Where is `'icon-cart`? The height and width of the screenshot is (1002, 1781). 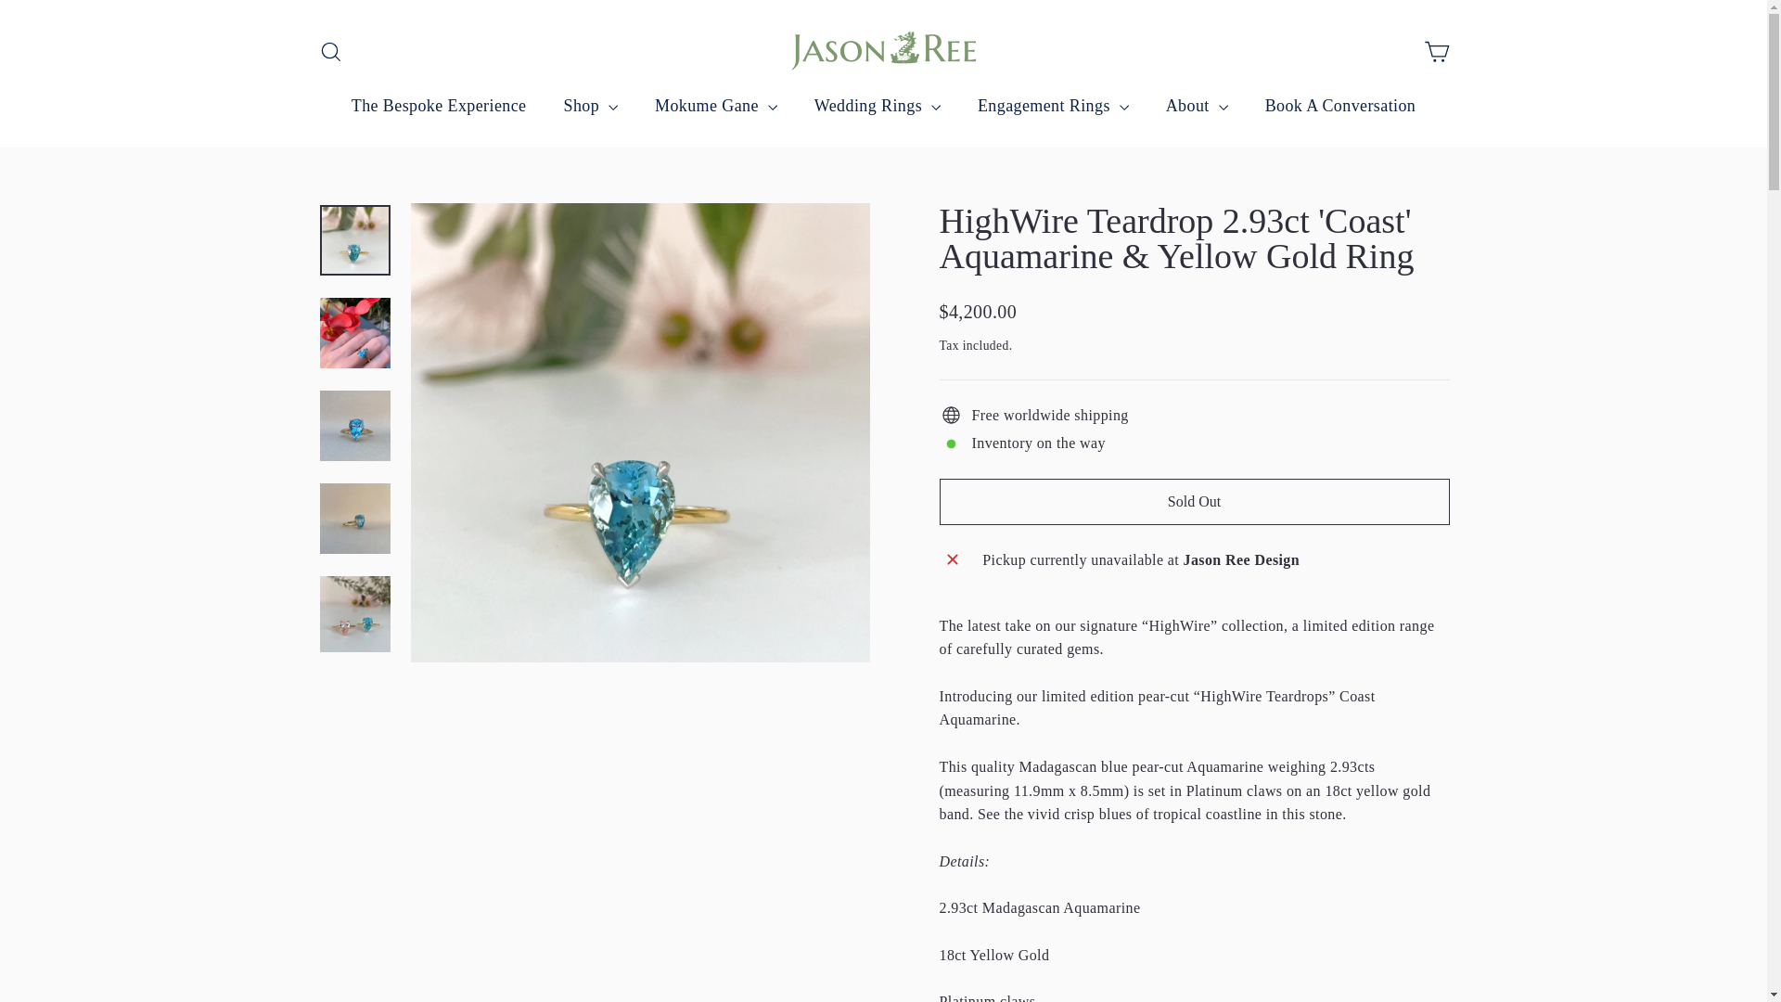
'icon-cart is located at coordinates (1435, 49).